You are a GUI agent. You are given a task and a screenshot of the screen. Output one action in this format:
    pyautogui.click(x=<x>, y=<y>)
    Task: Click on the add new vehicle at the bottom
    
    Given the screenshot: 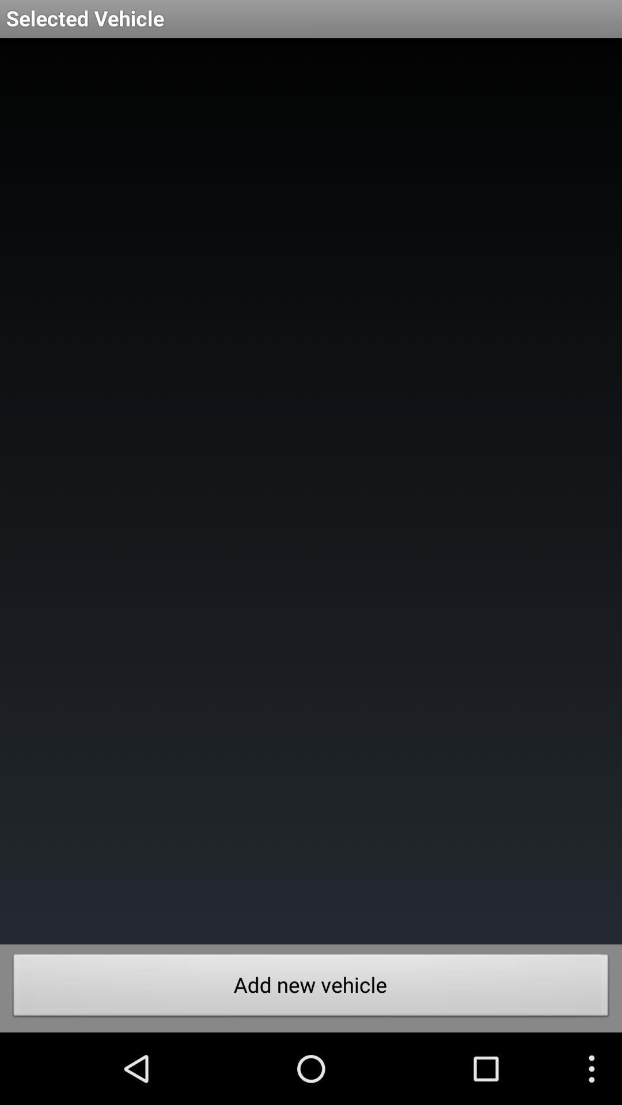 What is the action you would take?
    pyautogui.click(x=311, y=988)
    